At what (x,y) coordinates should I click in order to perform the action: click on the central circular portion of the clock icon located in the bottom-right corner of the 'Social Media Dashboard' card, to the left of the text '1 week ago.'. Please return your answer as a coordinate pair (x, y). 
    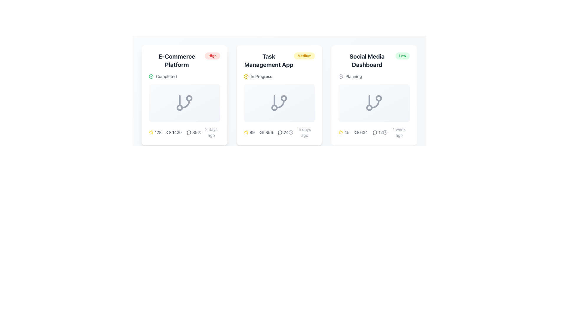
    Looking at the image, I should click on (385, 132).